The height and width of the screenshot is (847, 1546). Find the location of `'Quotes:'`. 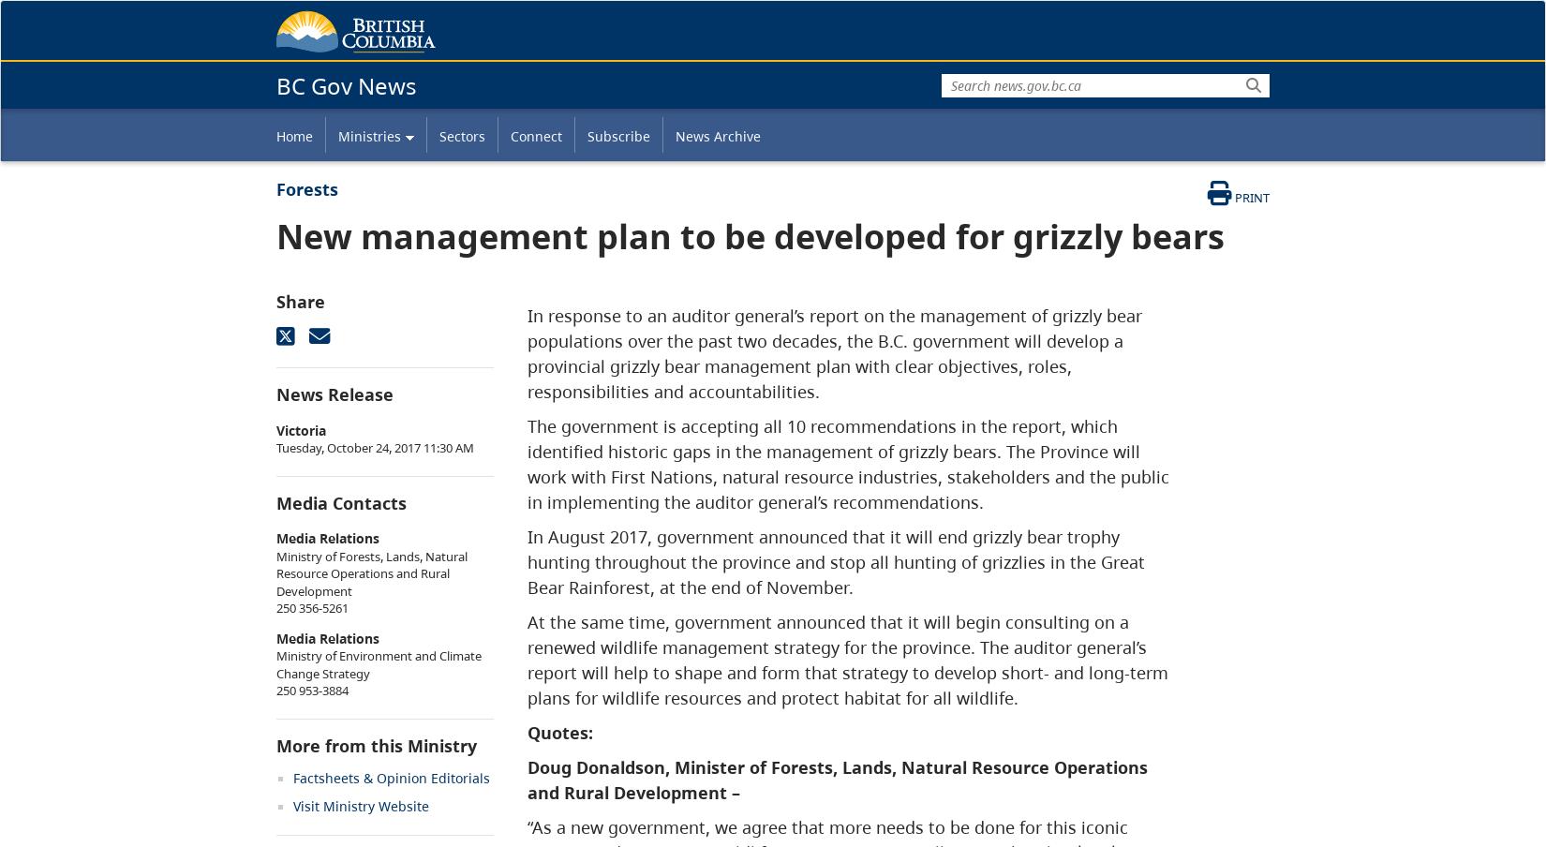

'Quotes:' is located at coordinates (557, 732).